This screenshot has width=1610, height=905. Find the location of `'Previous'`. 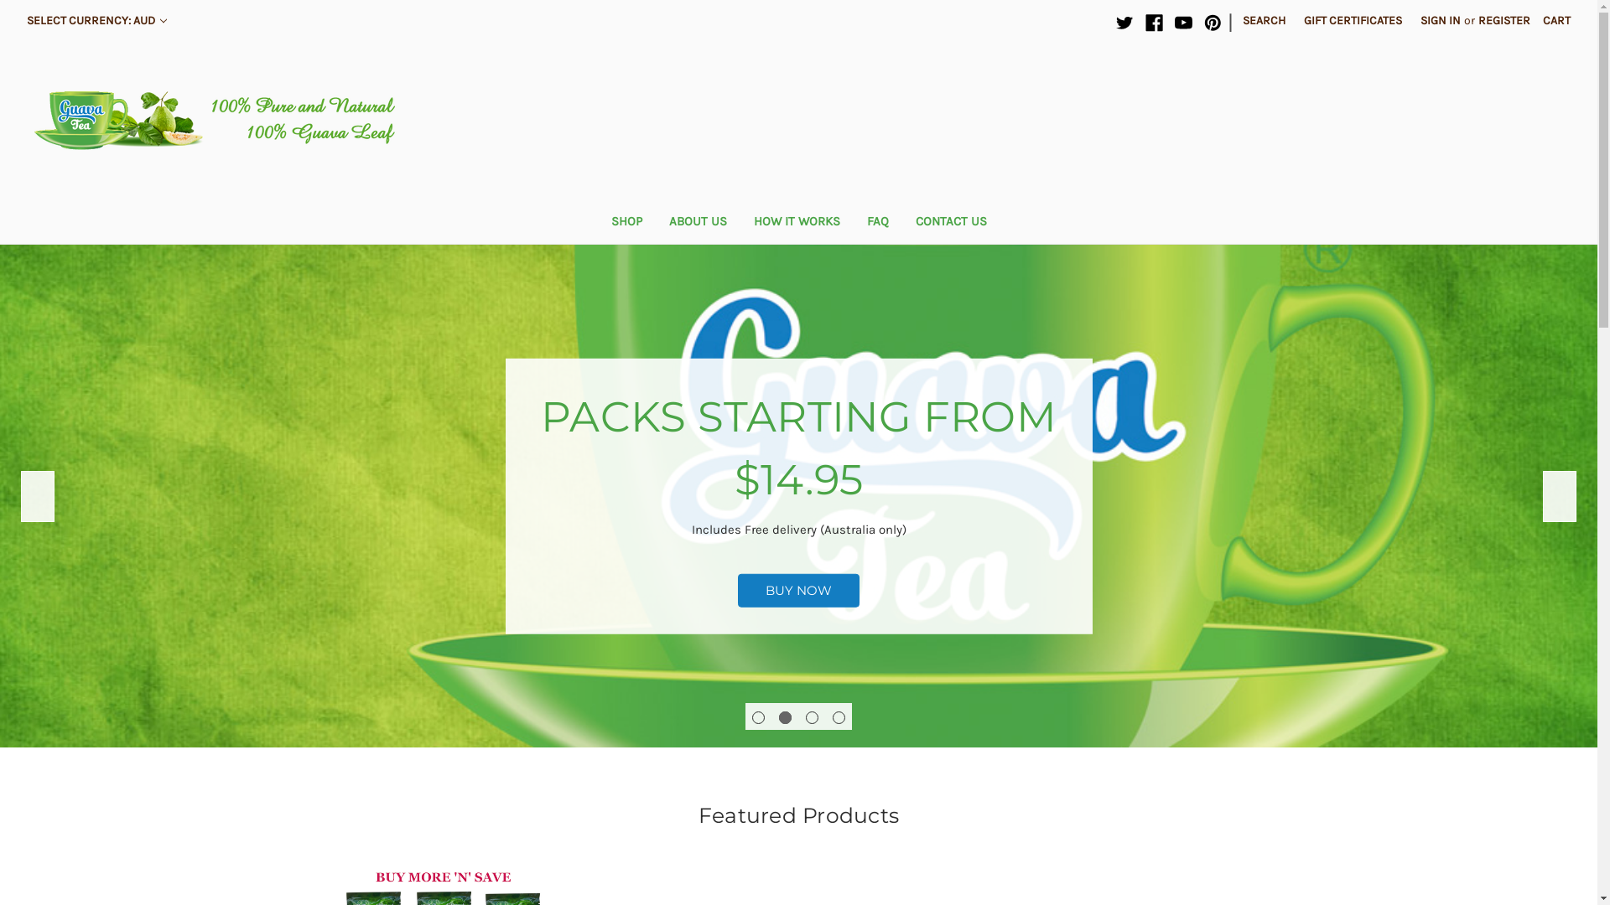

'Previous' is located at coordinates (37, 495).